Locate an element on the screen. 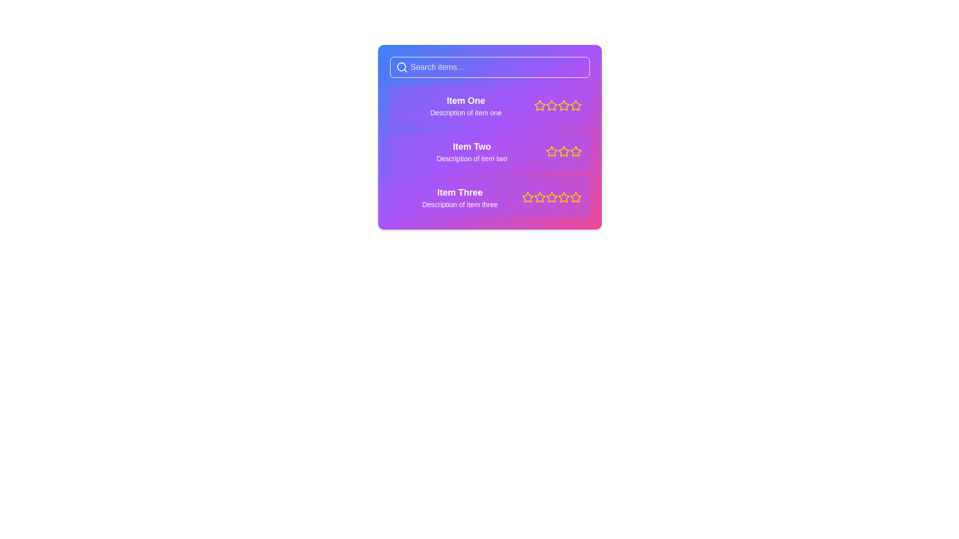 Image resolution: width=959 pixels, height=539 pixels. the fifth star in the rating system for 'Item Three' is located at coordinates (575, 197).